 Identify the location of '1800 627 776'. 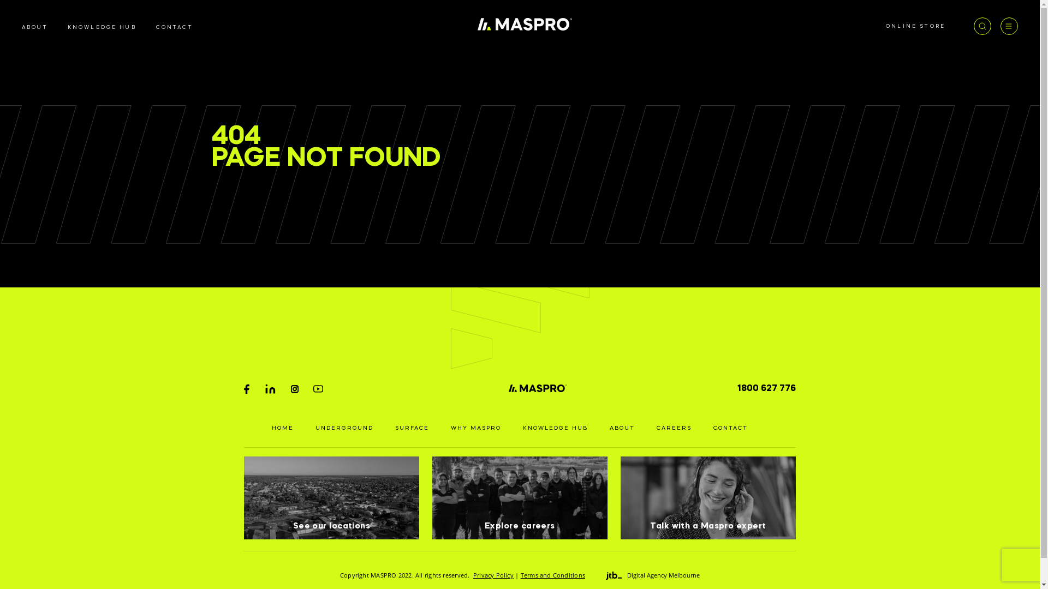
(766, 388).